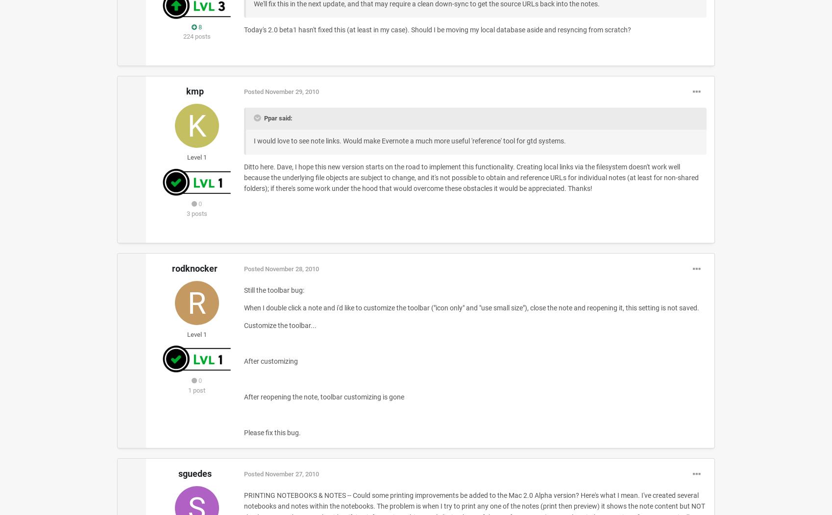  What do you see at coordinates (426, 3) in the screenshot?
I see `'We'll fix this in the next update, and that may require a clean down-sync to get the source URLs back into the notes.'` at bounding box center [426, 3].